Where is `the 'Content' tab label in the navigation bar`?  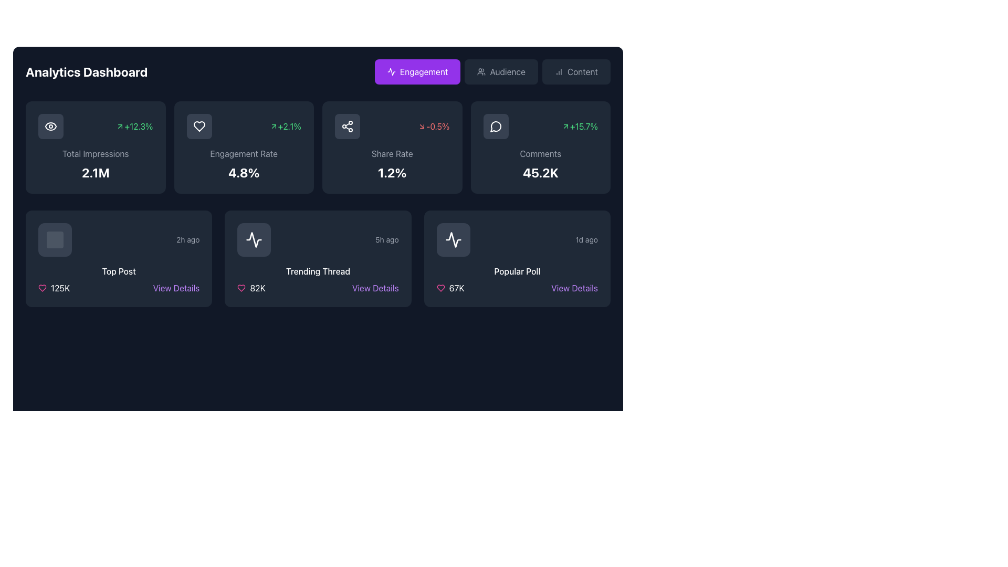
the 'Content' tab label in the navigation bar is located at coordinates (582, 71).